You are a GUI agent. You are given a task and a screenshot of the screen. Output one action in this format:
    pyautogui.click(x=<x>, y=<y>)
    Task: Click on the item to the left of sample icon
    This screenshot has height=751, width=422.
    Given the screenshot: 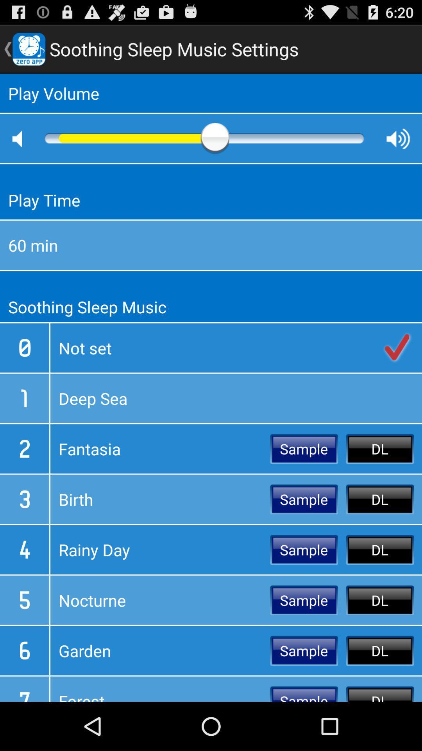 What is the action you would take?
    pyautogui.click(x=160, y=499)
    